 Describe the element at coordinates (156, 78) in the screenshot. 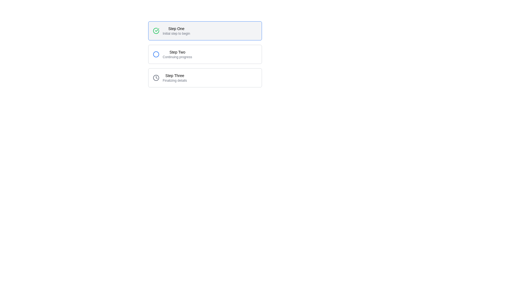

I see `the SVG Circle located in the center of the circular clock icon, which is positioned to the left of the text 'Step Three.'` at that location.